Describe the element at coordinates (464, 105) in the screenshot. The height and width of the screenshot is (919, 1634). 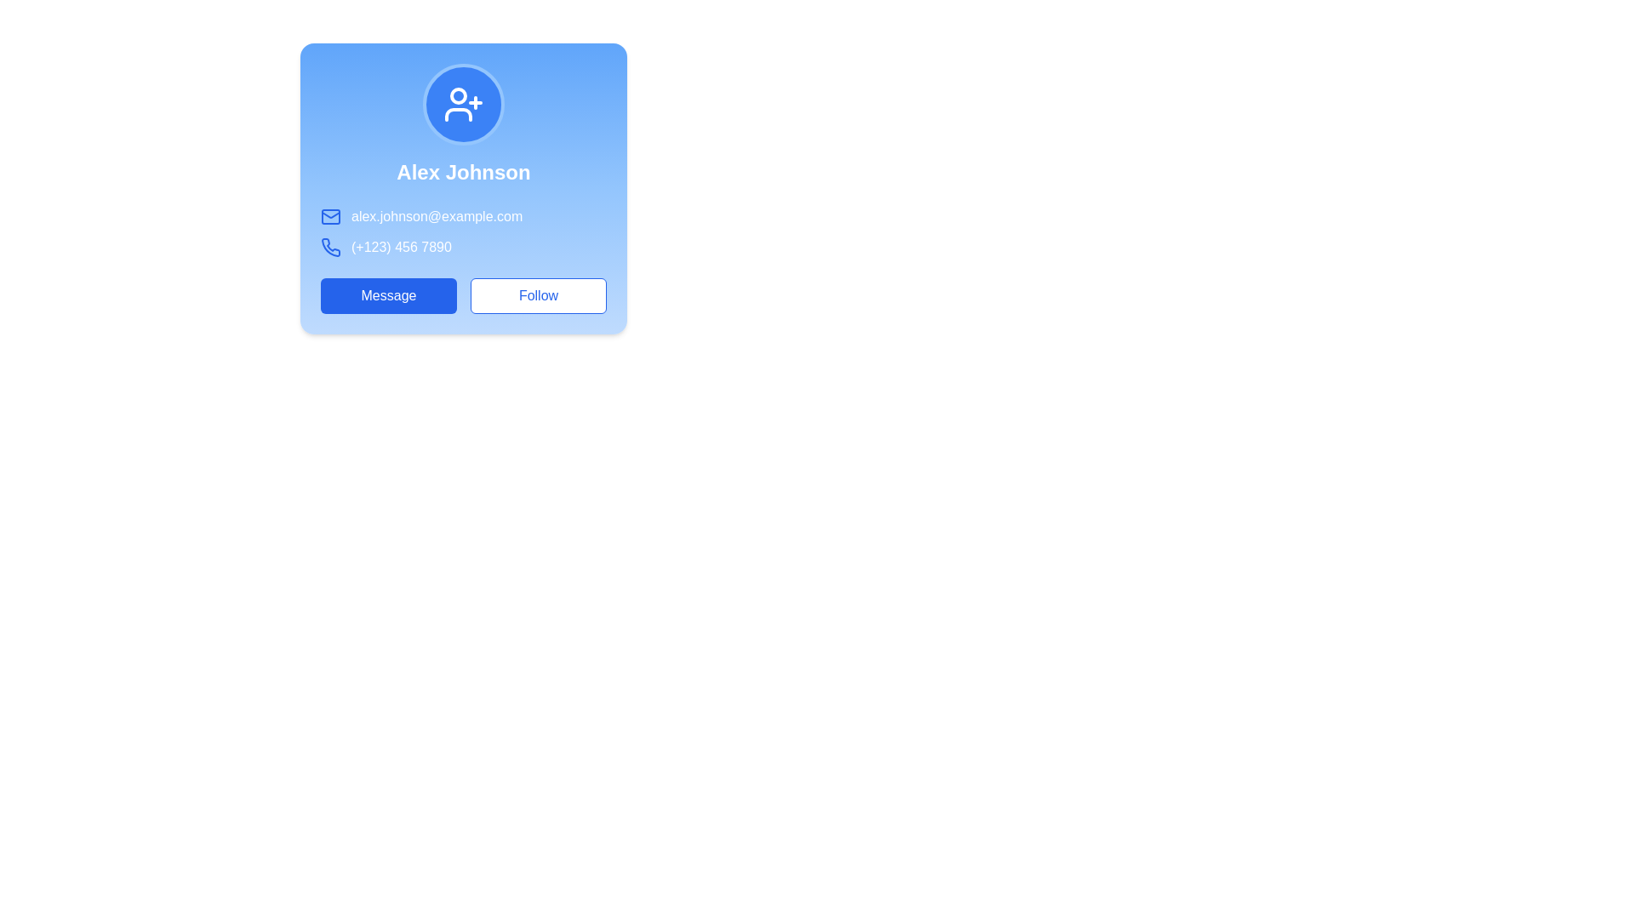
I see `the circular icon with a blue background and a user-plus symbol in white, located in the upper-central portion of the card layout above the name 'Alex Johnson'` at that location.